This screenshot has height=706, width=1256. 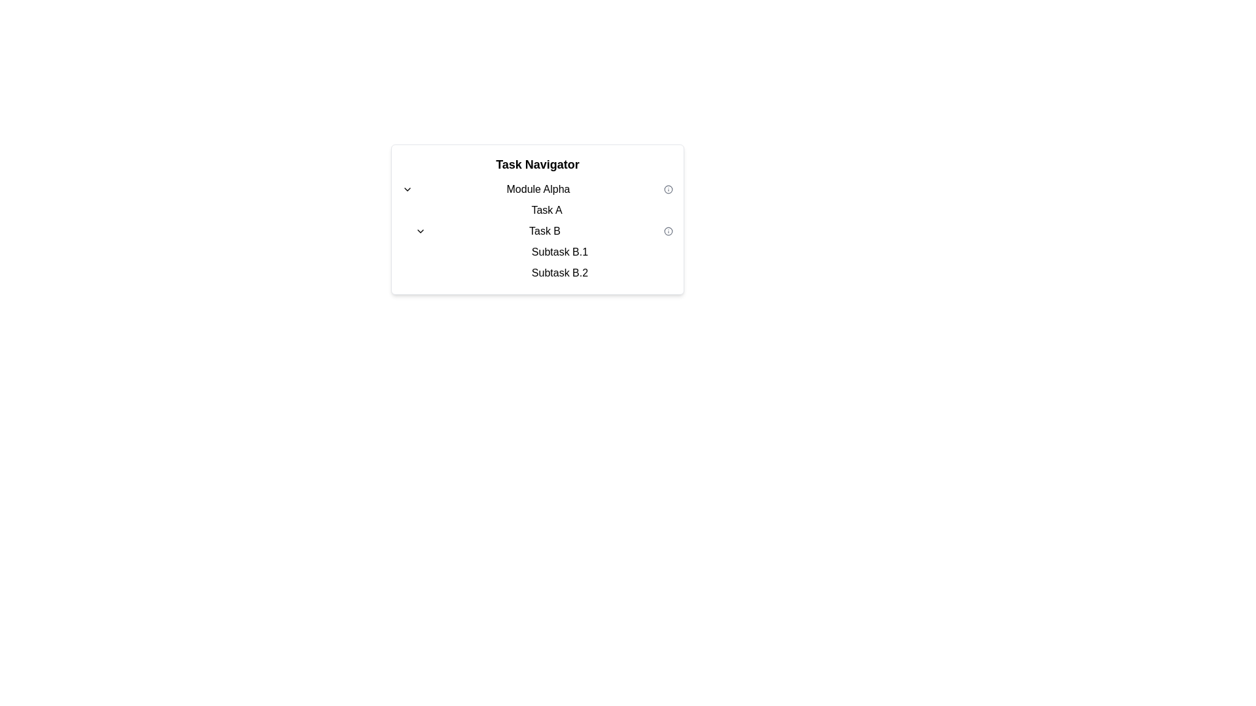 What do you see at coordinates (557, 272) in the screenshot?
I see `the text element labeled 'Subtask B.2' in the hierarchical navigation menu` at bounding box center [557, 272].